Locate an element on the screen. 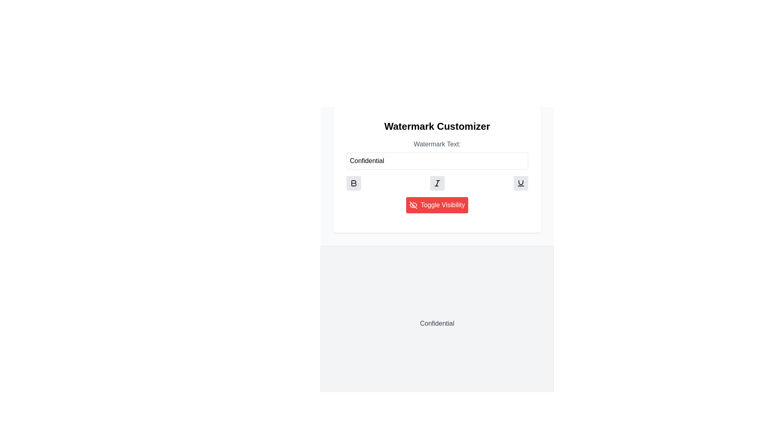 The image size is (779, 438). the bold toggle button located directly below the 'Watermark Text' input field is located at coordinates (353, 183).